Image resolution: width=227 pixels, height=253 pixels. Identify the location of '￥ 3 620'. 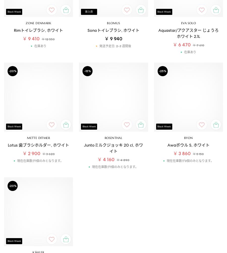
(48, 154).